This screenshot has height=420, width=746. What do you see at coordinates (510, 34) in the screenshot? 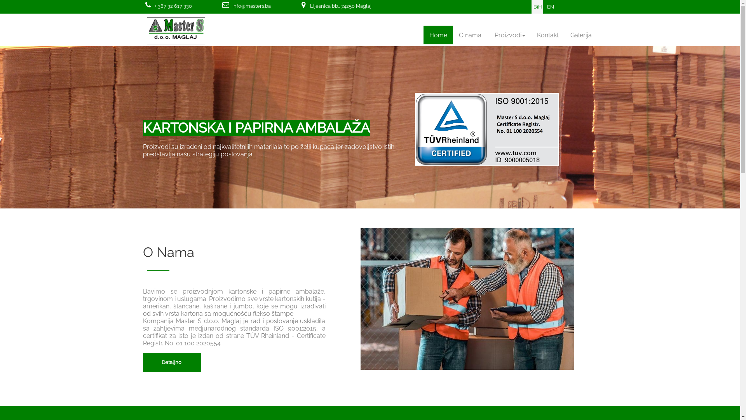
I see `'Proizvodi'` at bounding box center [510, 34].